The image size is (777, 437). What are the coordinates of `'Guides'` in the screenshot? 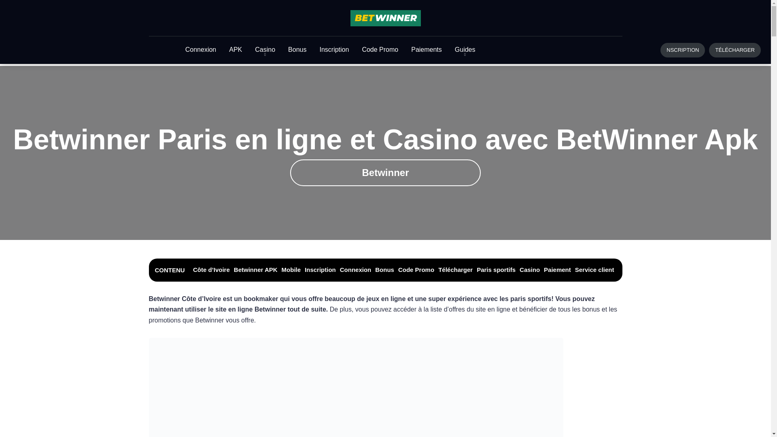 It's located at (465, 50).